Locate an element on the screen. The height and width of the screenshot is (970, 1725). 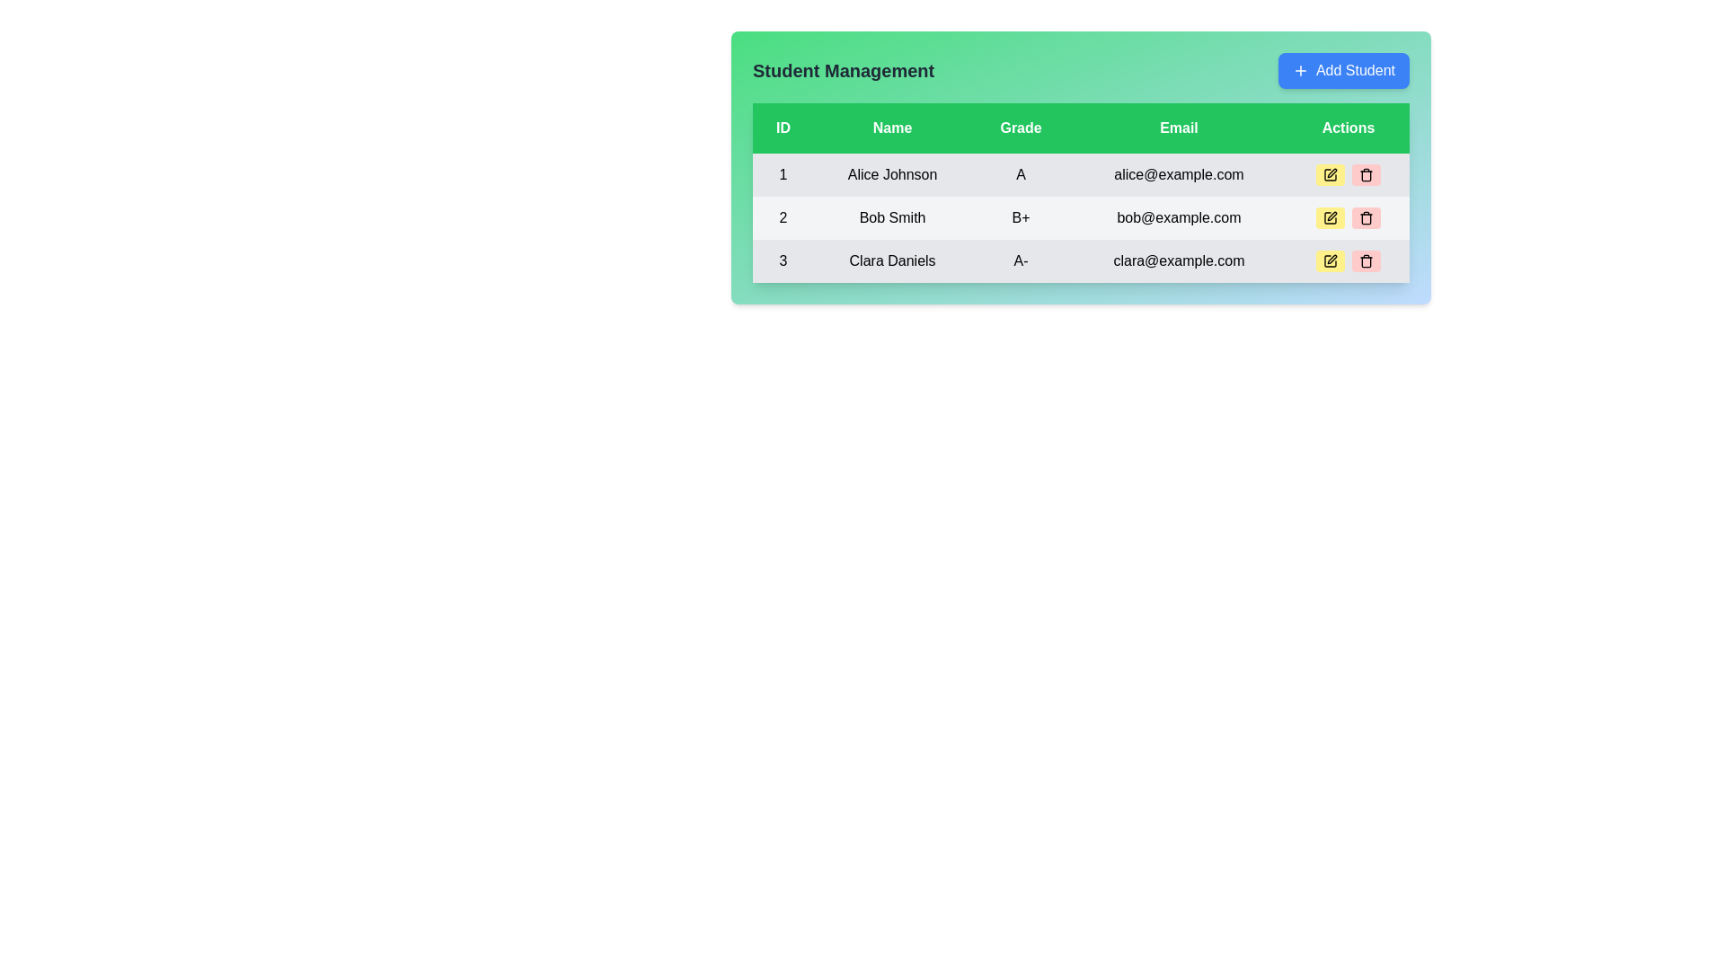
the 'Email' header label in the table, which indicates the content of the Email column, positioned slightly right of center in the table layout is located at coordinates (1179, 127).